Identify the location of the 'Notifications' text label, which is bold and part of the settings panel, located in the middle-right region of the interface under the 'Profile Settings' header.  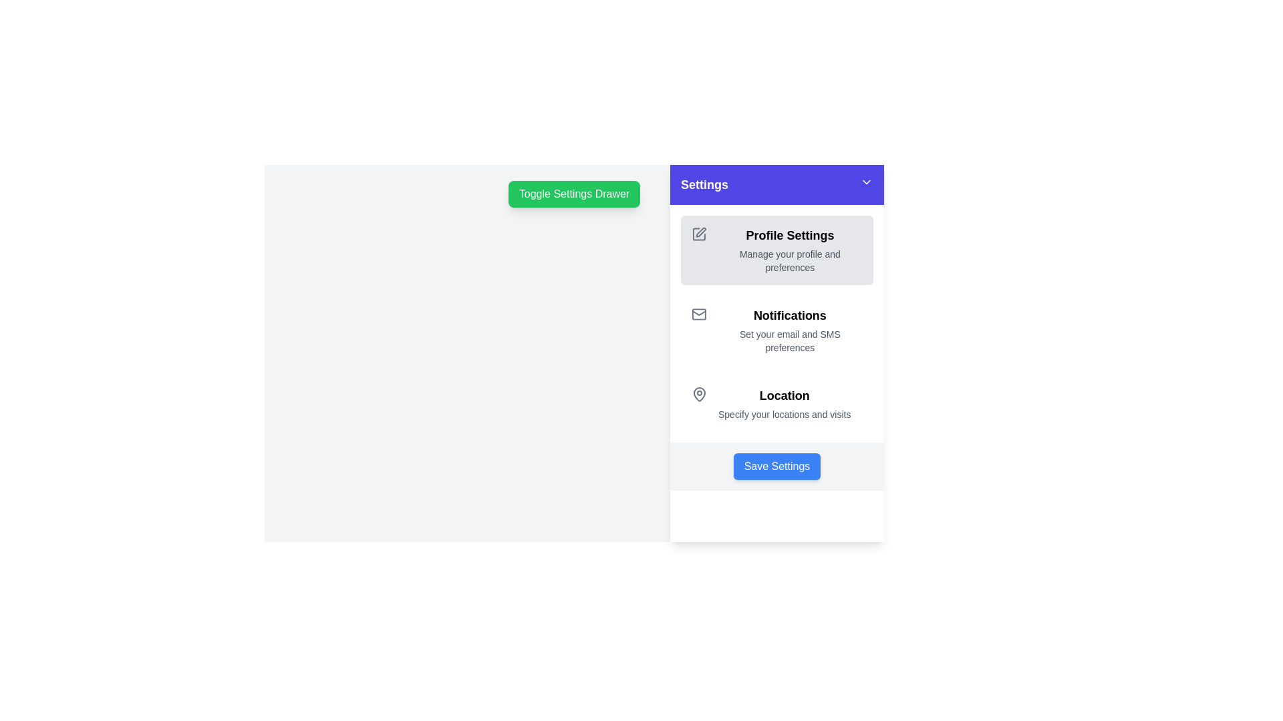
(790, 316).